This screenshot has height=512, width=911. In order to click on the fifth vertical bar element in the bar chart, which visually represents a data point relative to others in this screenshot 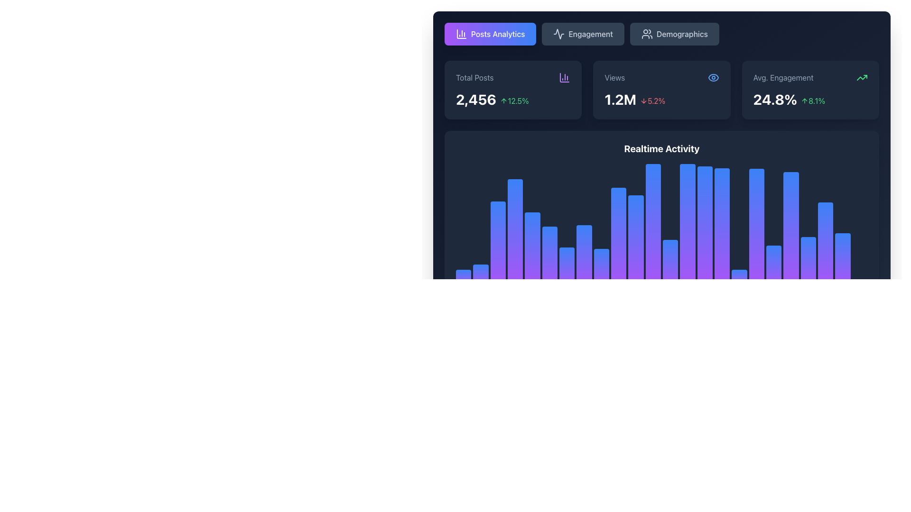, I will do `click(532, 229)`.